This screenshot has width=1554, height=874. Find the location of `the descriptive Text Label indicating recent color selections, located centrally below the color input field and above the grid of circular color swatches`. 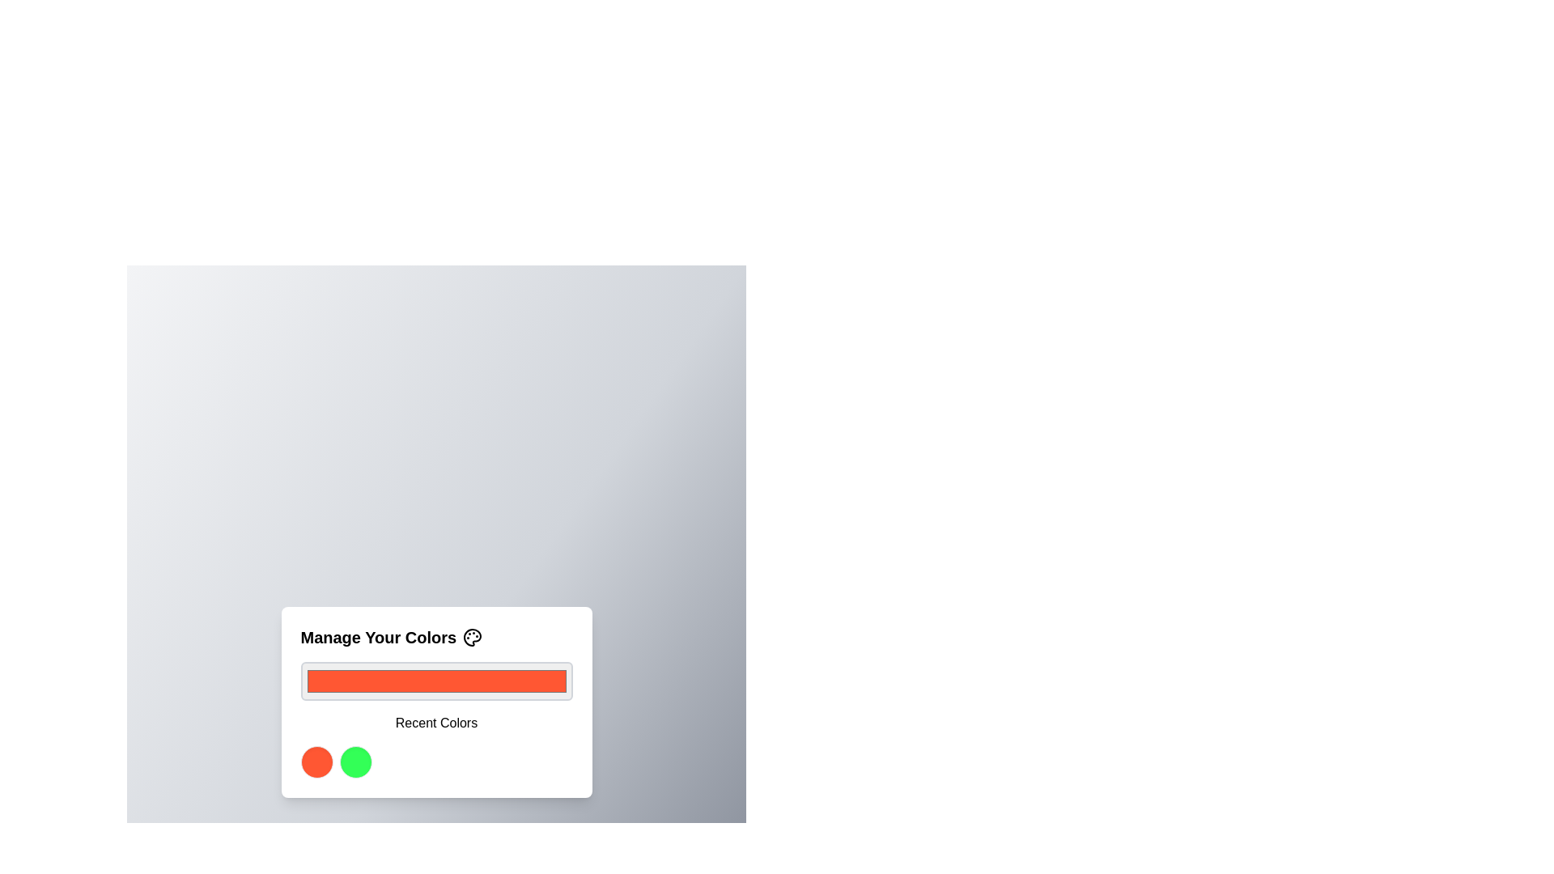

the descriptive Text Label indicating recent color selections, located centrally below the color input field and above the grid of circular color swatches is located at coordinates (436, 723).